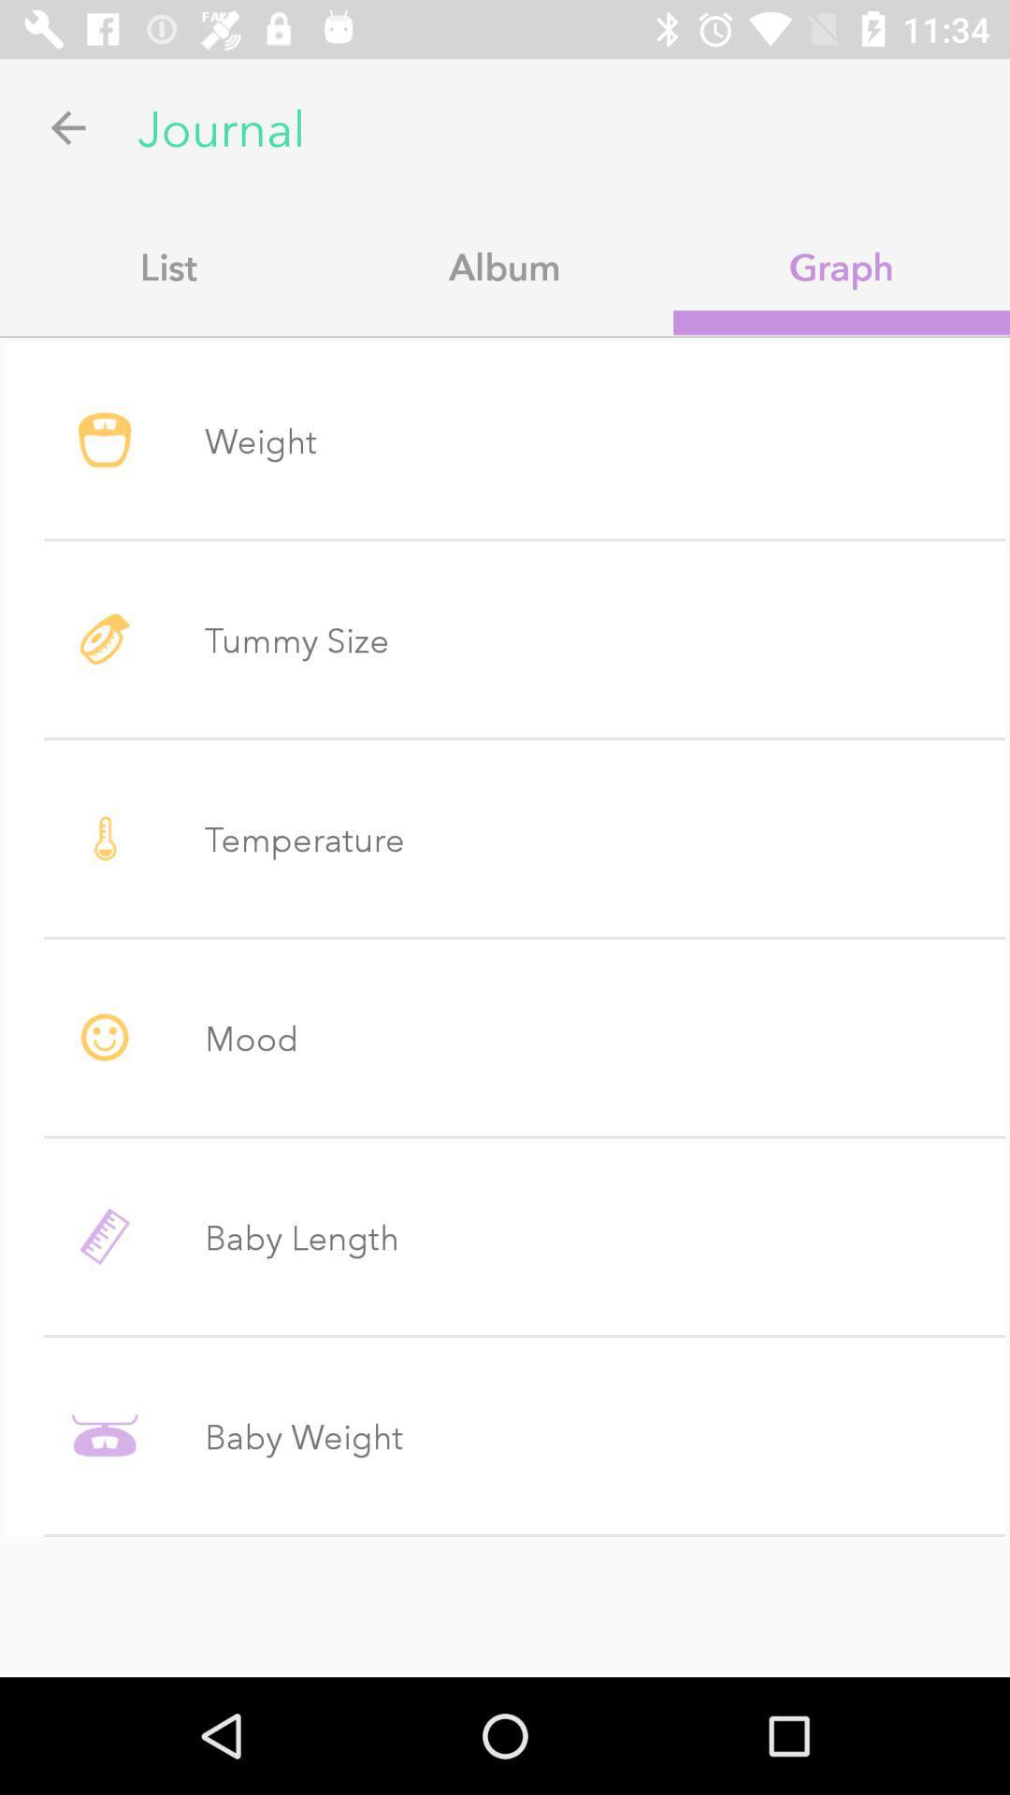 The image size is (1010, 1795). What do you see at coordinates (840, 266) in the screenshot?
I see `graph app` at bounding box center [840, 266].